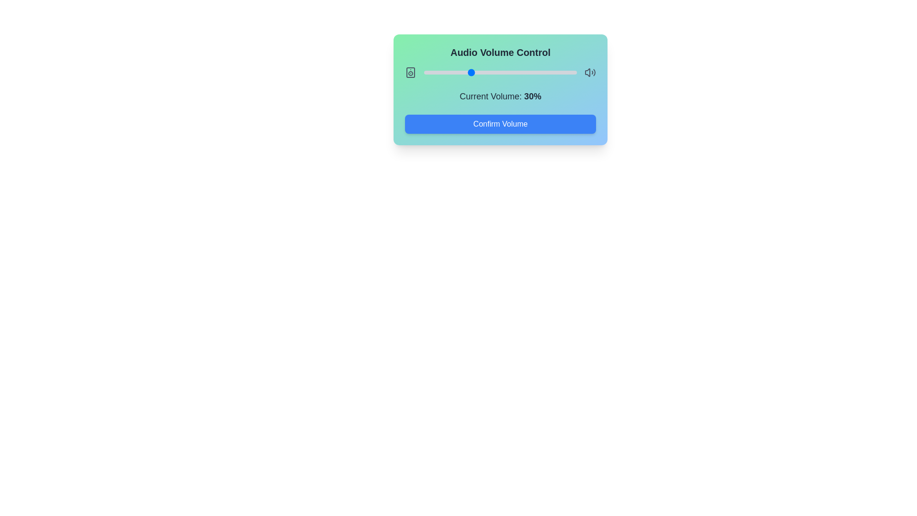  I want to click on the slider to set the volume to 4%, so click(429, 72).